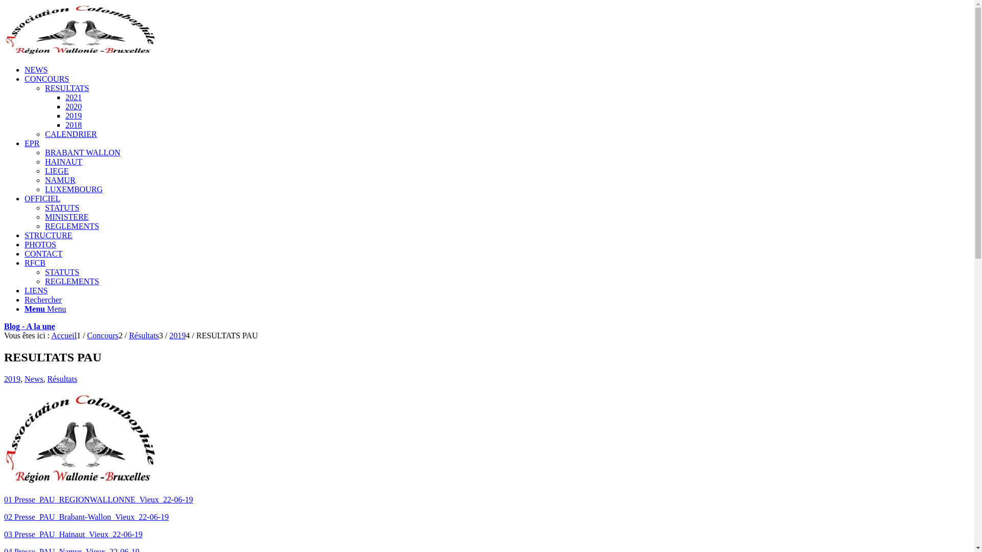  Describe the element at coordinates (73, 189) in the screenshot. I see `'LUXEMBOURG'` at that location.